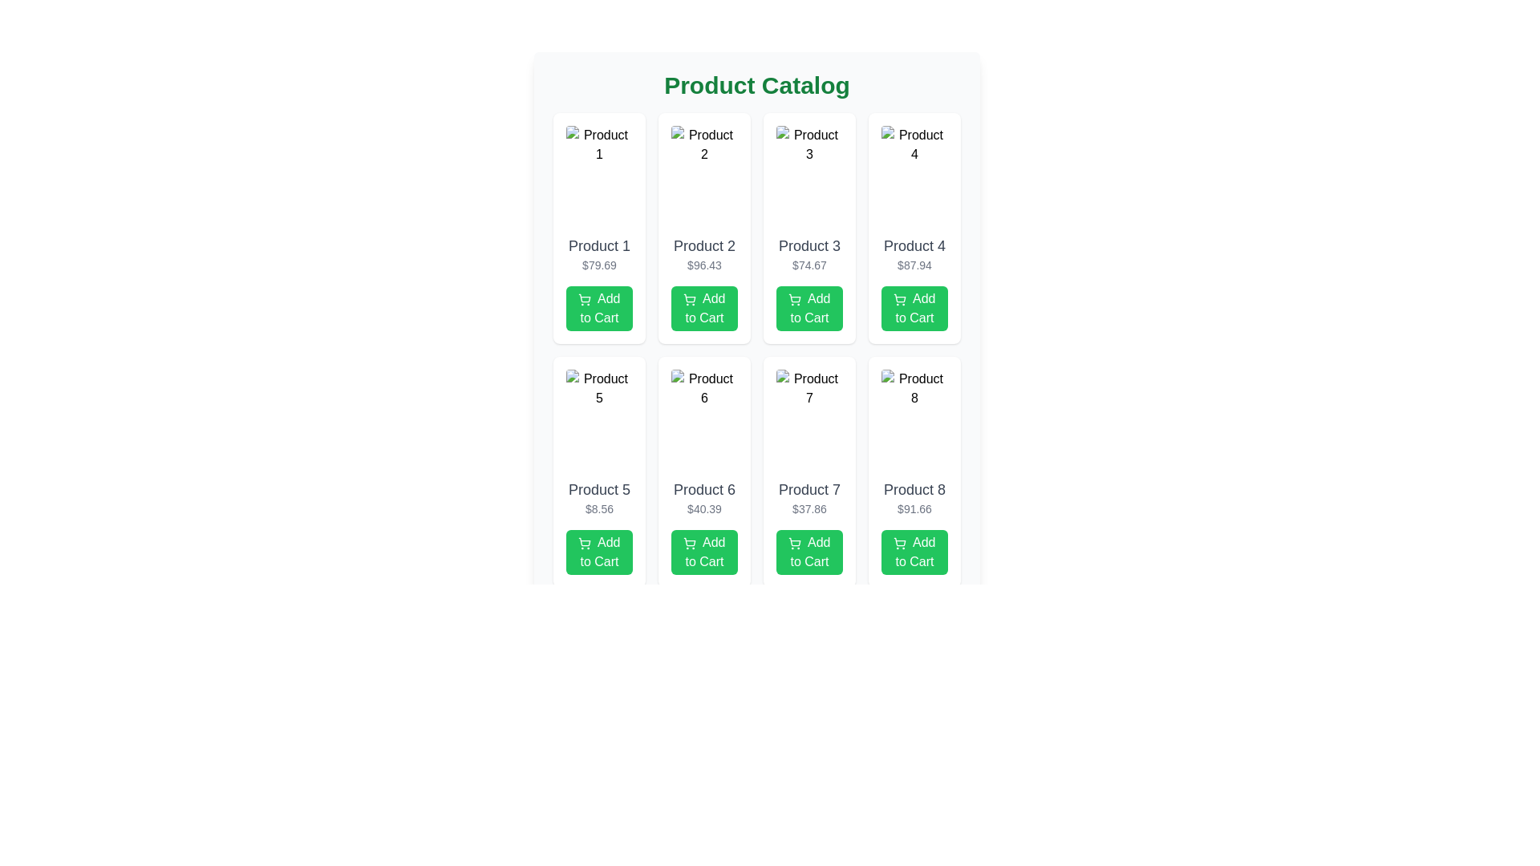 The height and width of the screenshot is (866, 1540). I want to click on text label displaying the product name 'Product 6', which is positioned at the top of the product card in the second column, second row of the grid layout, so click(704, 488).